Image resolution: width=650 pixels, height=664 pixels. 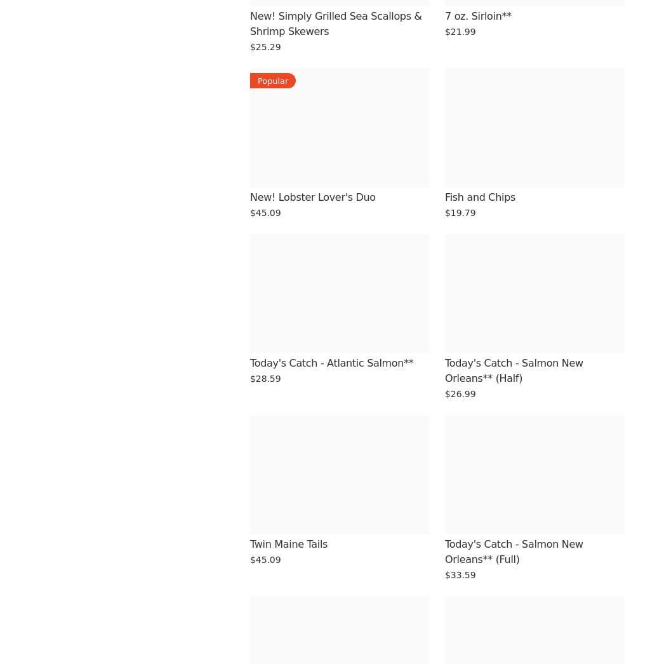 I want to click on 'New! Lobster Lover's Duo', so click(x=312, y=197).